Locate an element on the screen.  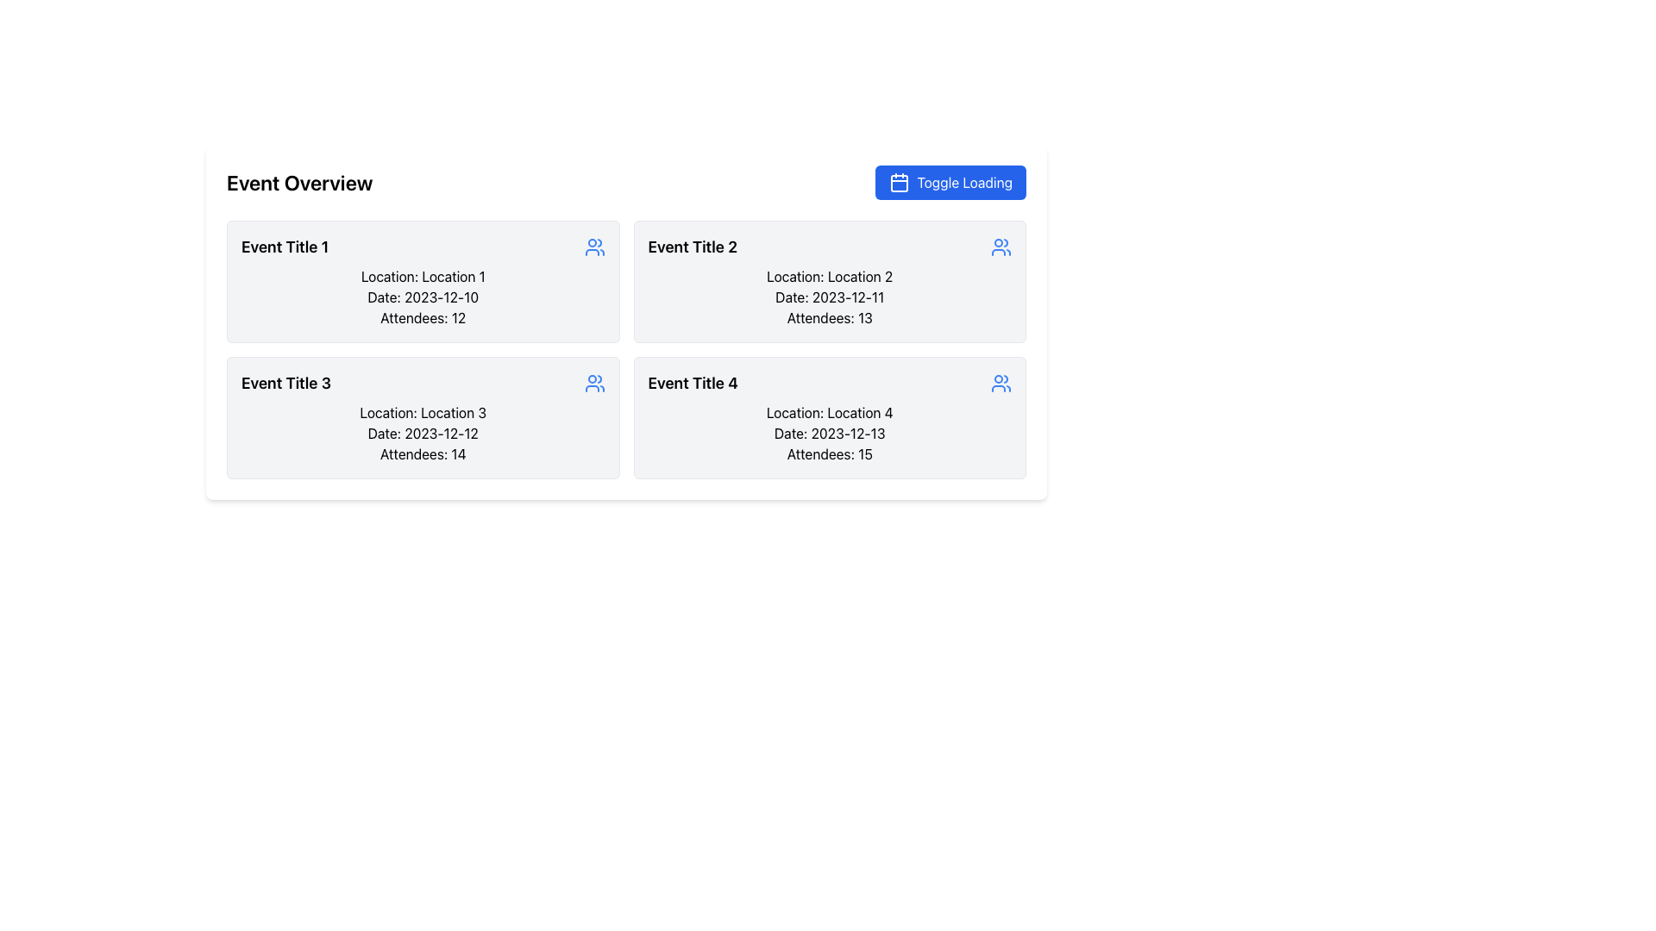
text displayed in the fourth event card, located below 'Event Title 4' and above the date and attendees information is located at coordinates (830, 412).